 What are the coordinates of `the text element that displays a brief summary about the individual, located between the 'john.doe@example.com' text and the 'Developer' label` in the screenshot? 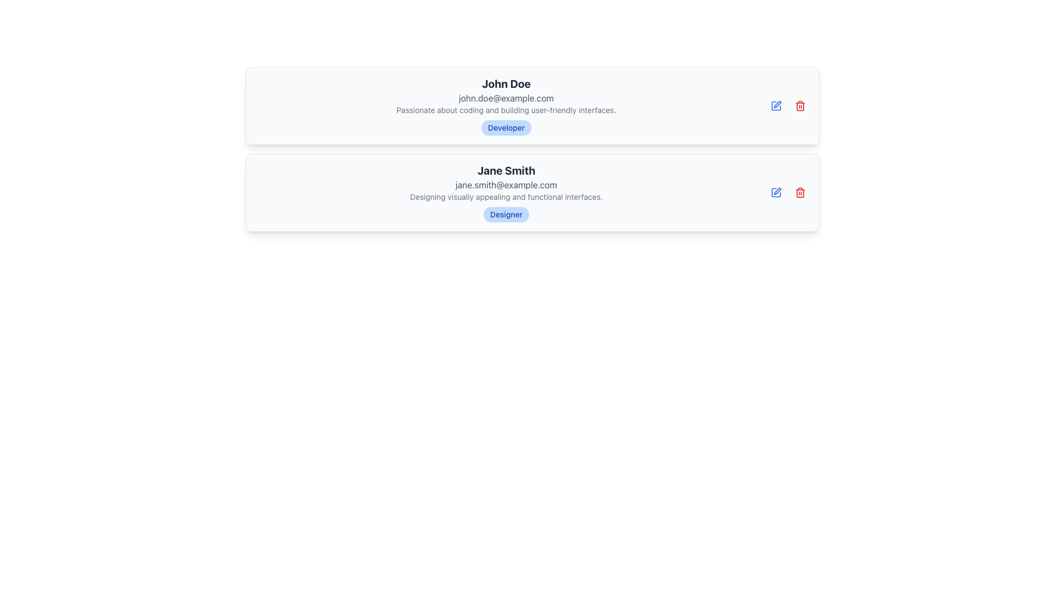 It's located at (506, 110).